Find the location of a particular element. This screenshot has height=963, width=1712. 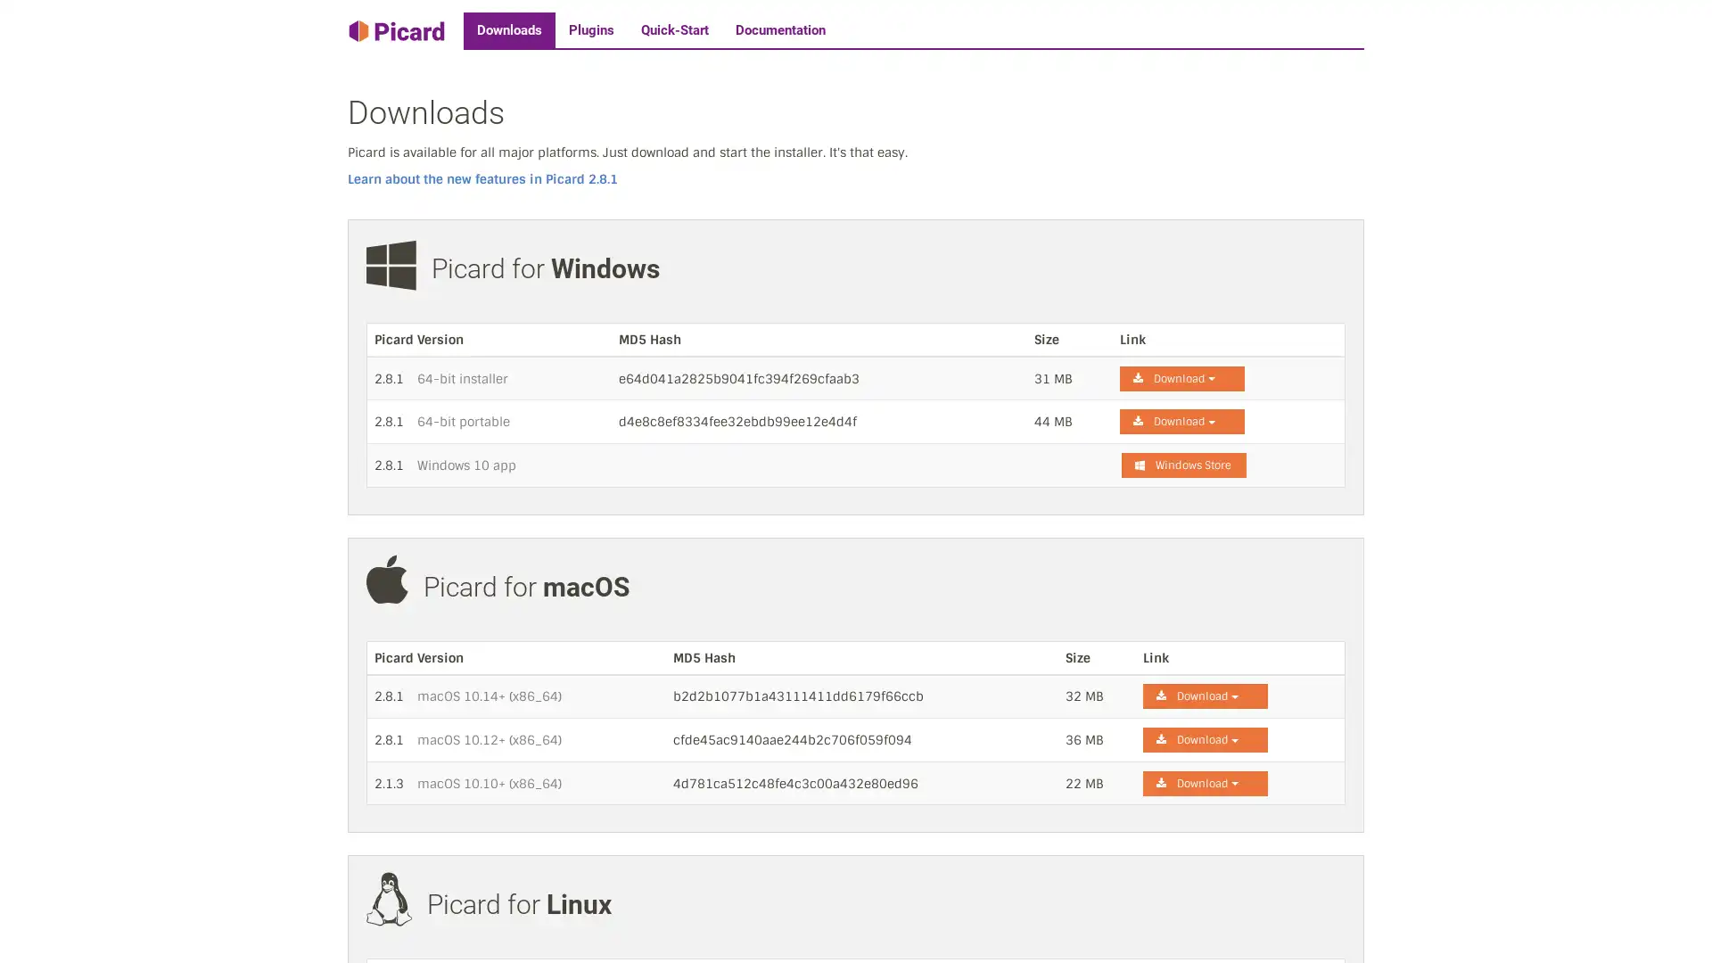

Download is located at coordinates (1181, 422).